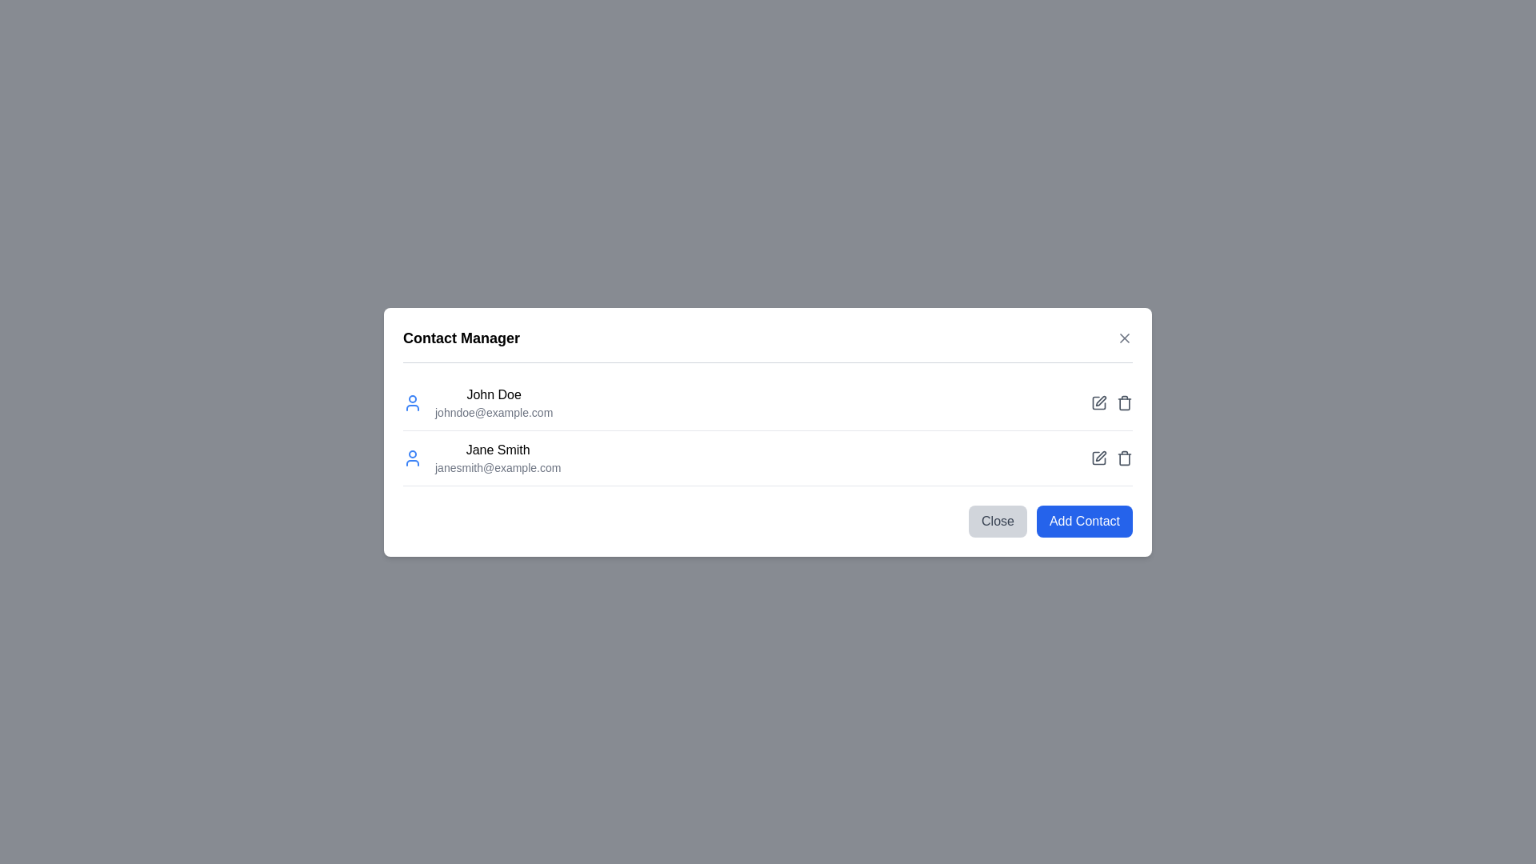  I want to click on the contact name displayed as static text, which is located before the email 'janesmith@example.com' in the contact management interface, so click(497, 450).